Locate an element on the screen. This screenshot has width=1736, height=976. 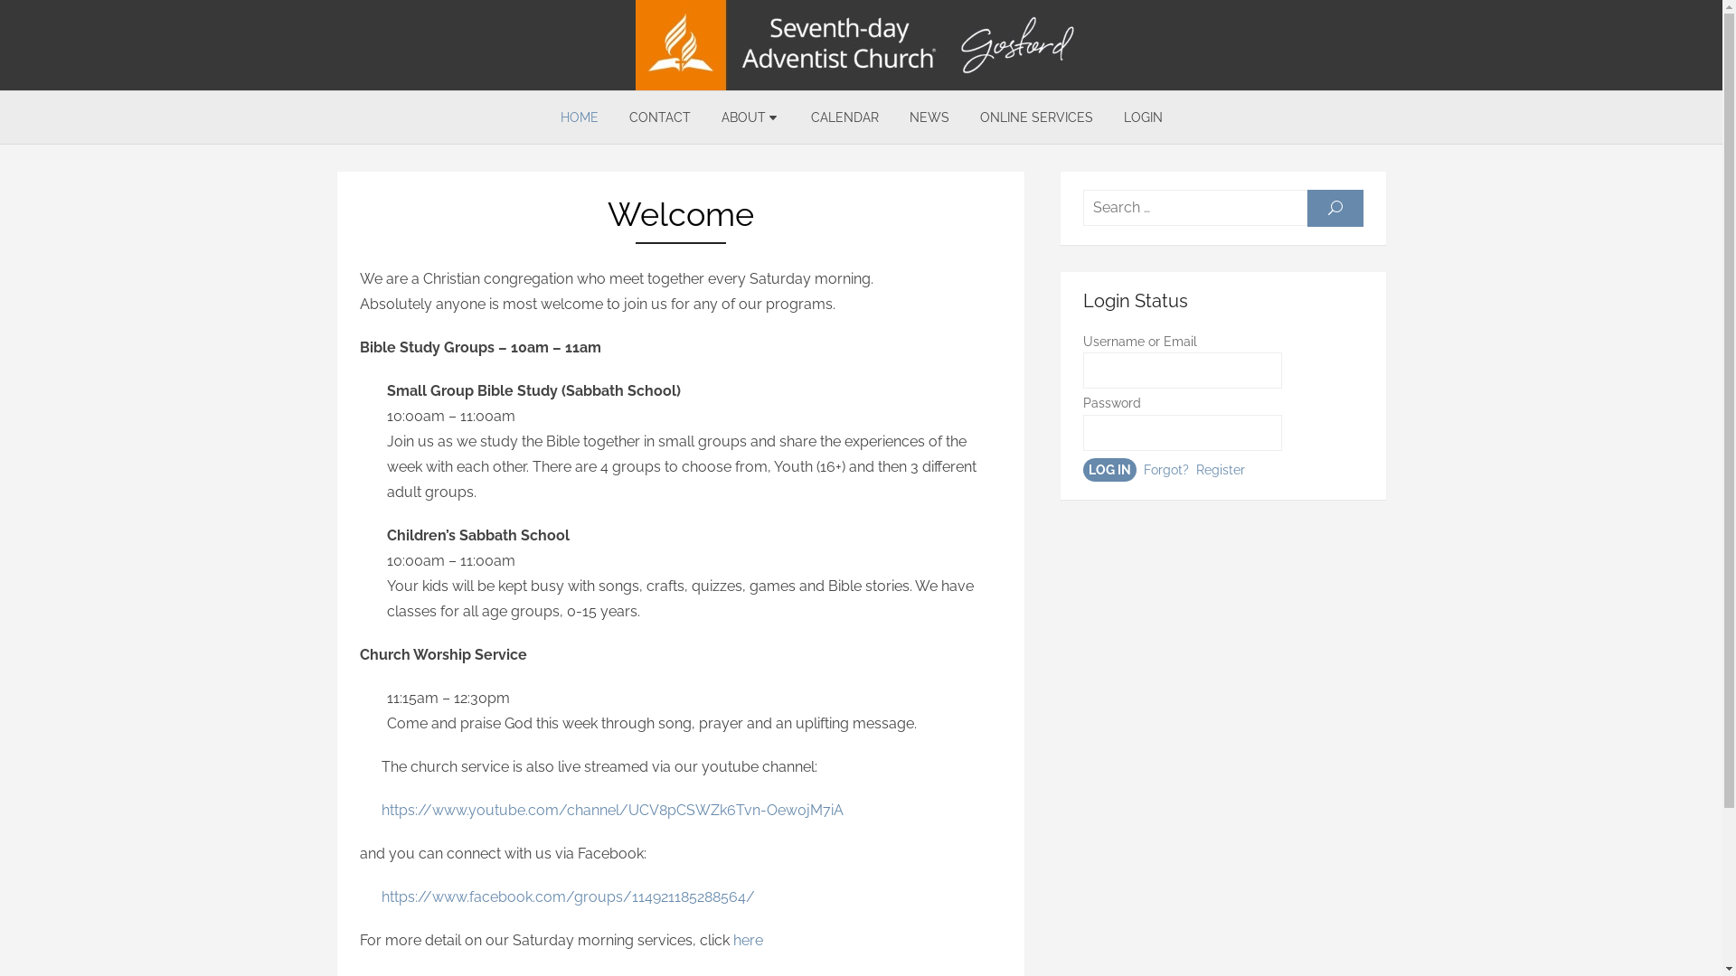
'ONLINE SERVICES' is located at coordinates (1035, 117).